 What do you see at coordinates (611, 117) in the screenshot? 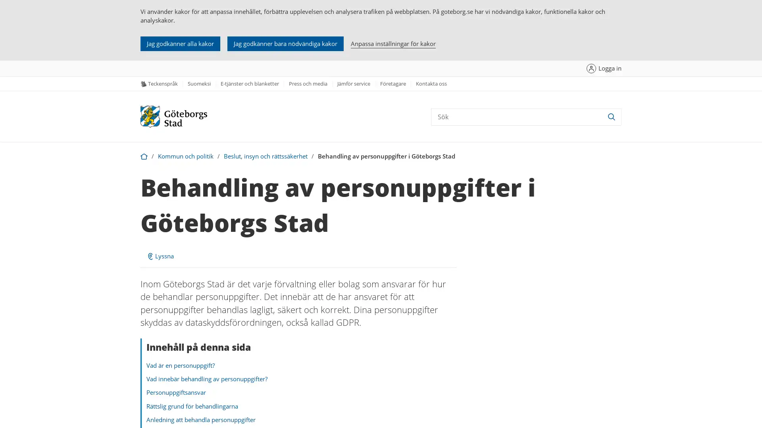
I see `Sok` at bounding box center [611, 117].